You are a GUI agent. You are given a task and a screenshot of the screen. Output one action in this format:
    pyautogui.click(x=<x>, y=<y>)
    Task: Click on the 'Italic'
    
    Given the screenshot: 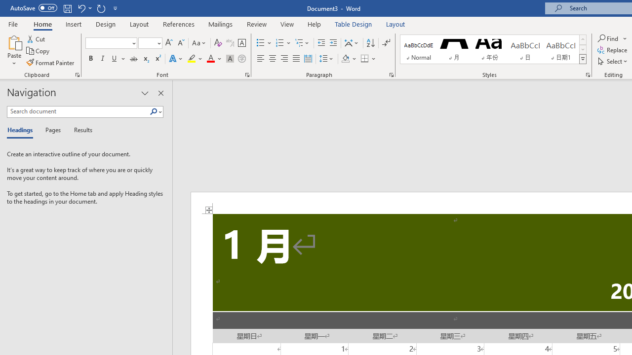 What is the action you would take?
    pyautogui.click(x=103, y=59)
    